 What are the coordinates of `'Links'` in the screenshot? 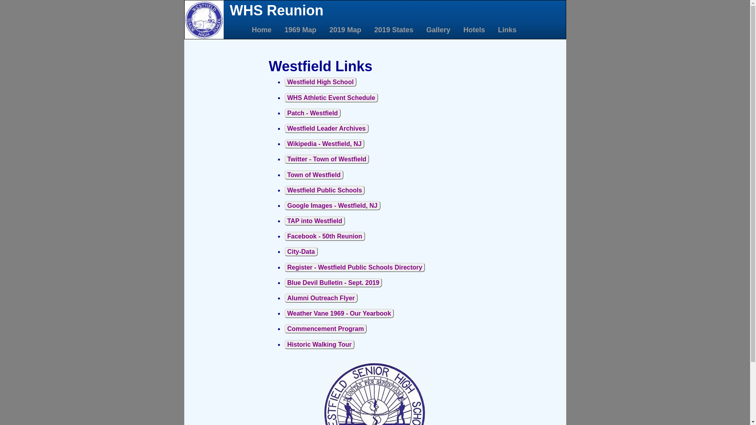 It's located at (506, 30).